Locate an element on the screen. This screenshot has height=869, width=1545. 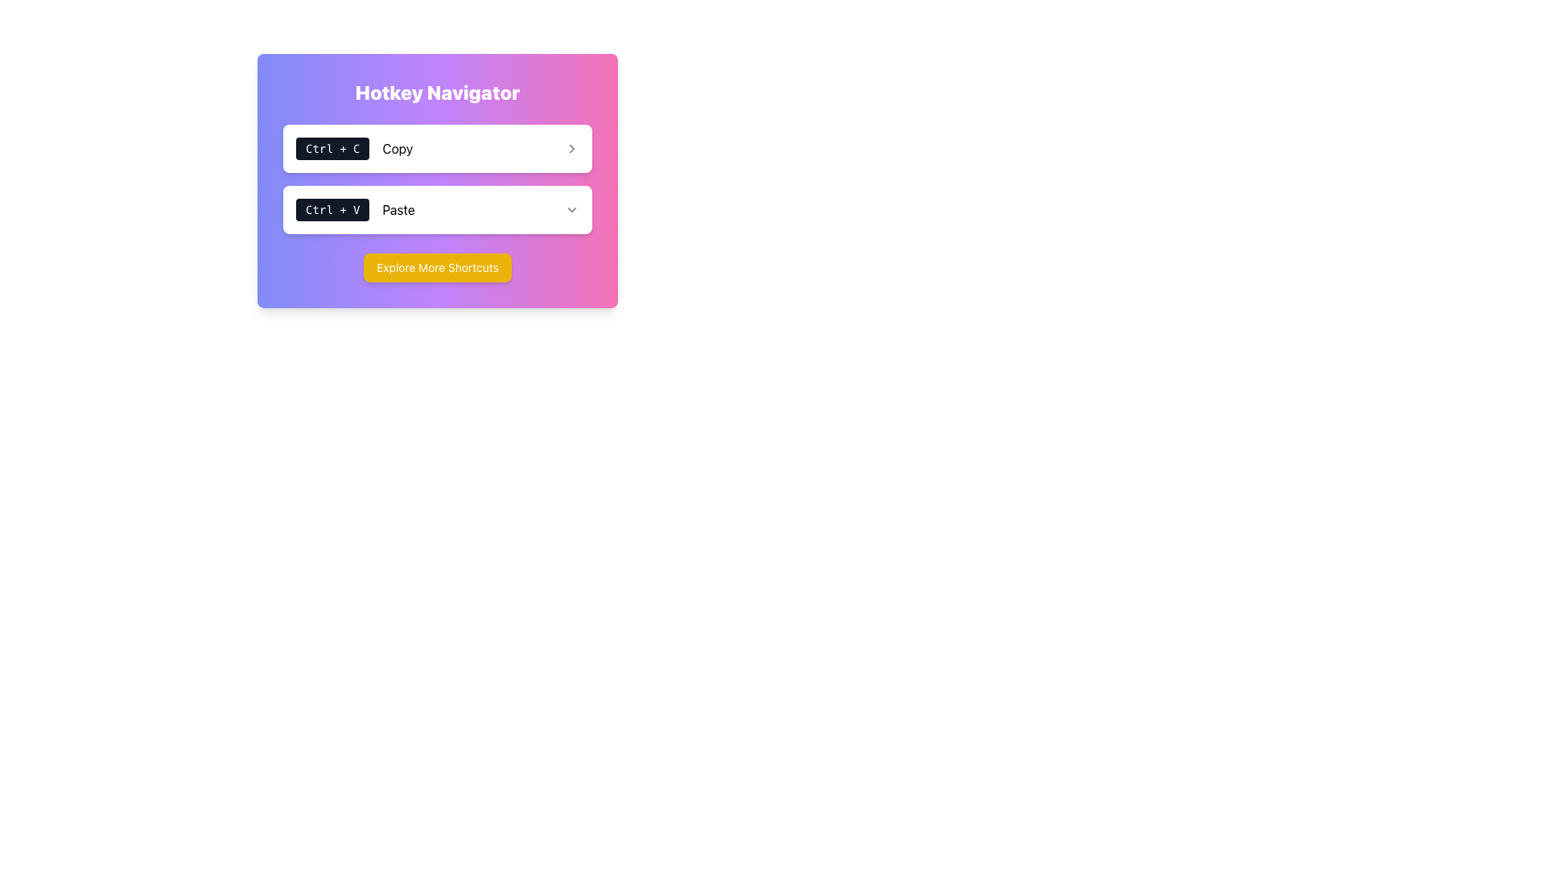
the small gray chevron-shaped icon pointing to the right, located at the far-right of the first item in the list of shortcuts, visually aligned with the text 'Copy.' is located at coordinates (571, 149).